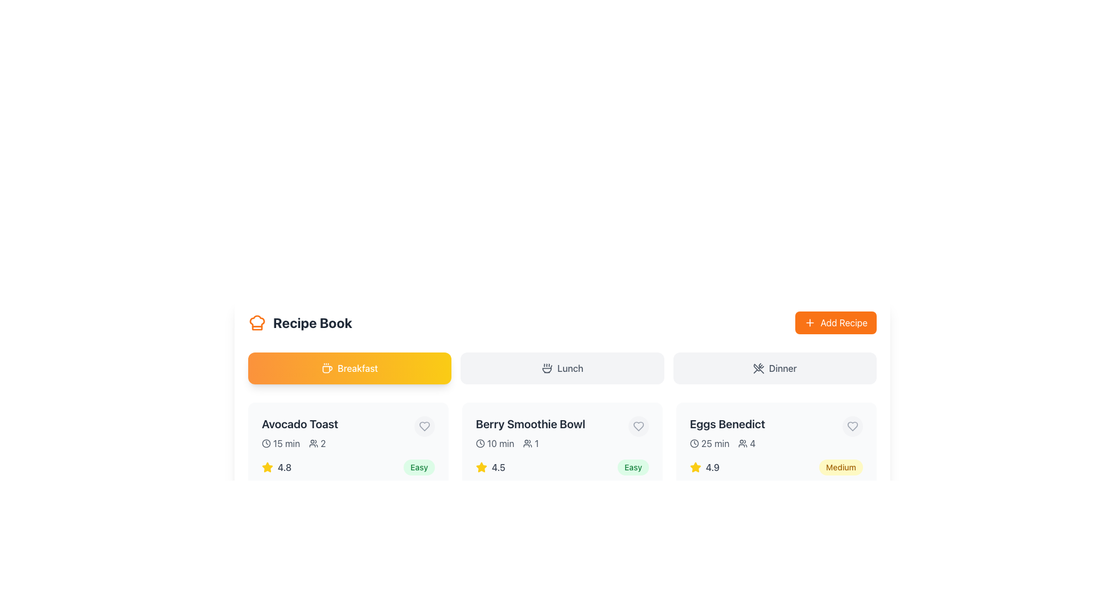 The image size is (1093, 615). I want to click on the star icon to interact with or modify the rating, which is visually represented next to the numeric rating of '4.5', so click(481, 468).